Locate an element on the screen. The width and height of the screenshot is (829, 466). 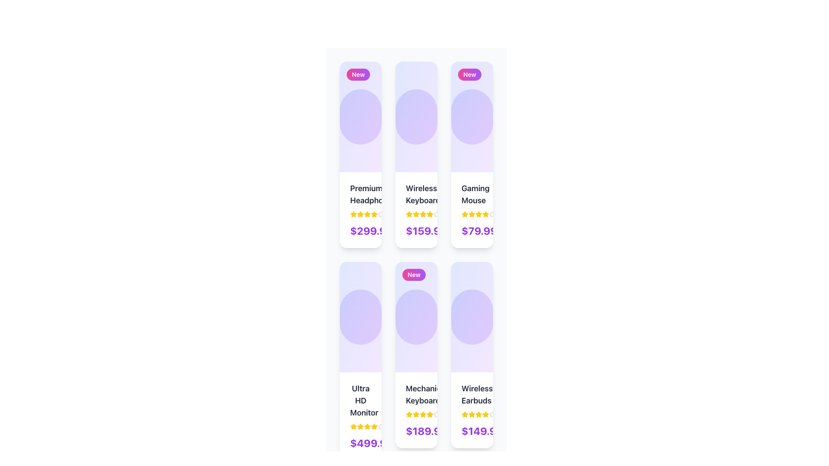
the fifth star in the rating widget for the 'Wireless Earbuds' product card is located at coordinates (493, 414).